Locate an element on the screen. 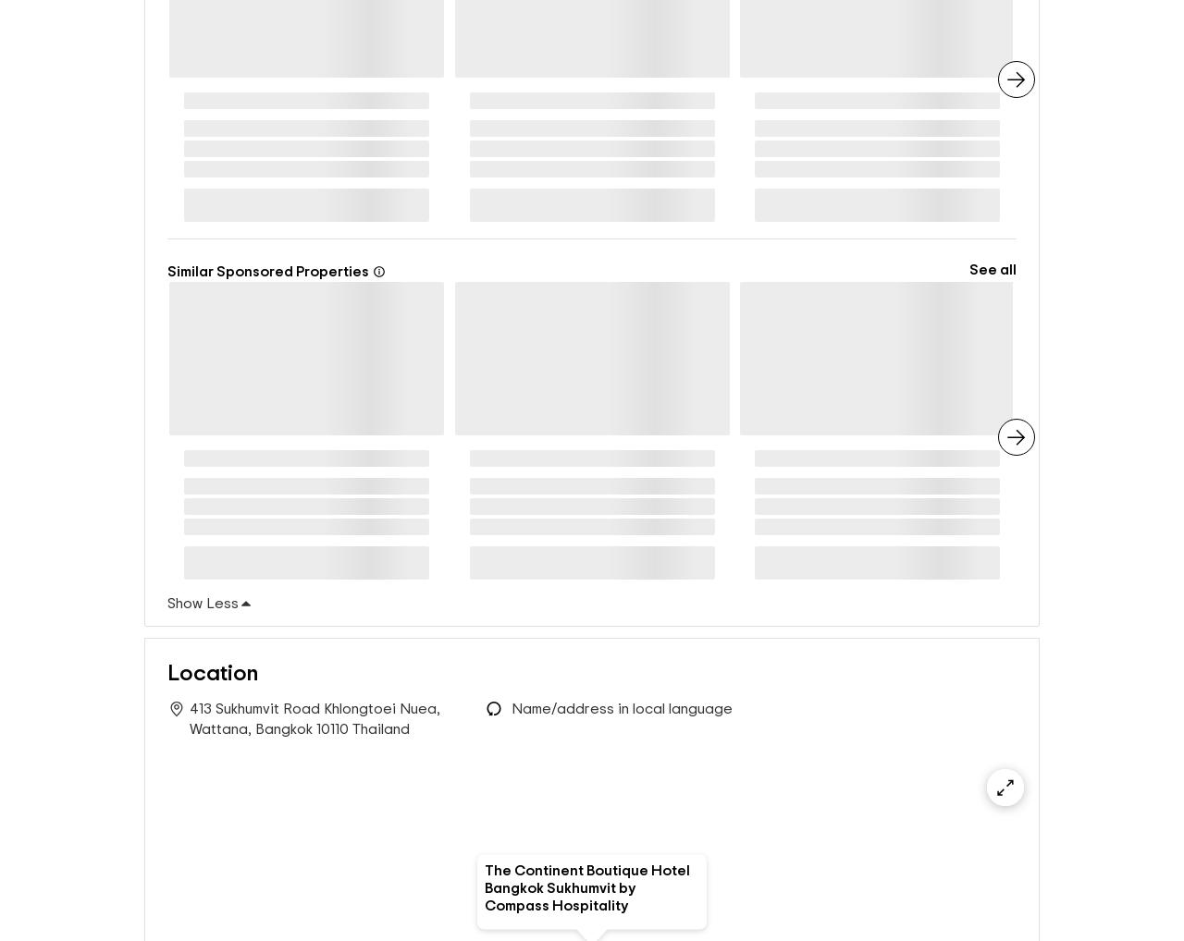  '1,126' is located at coordinates (569, 103).